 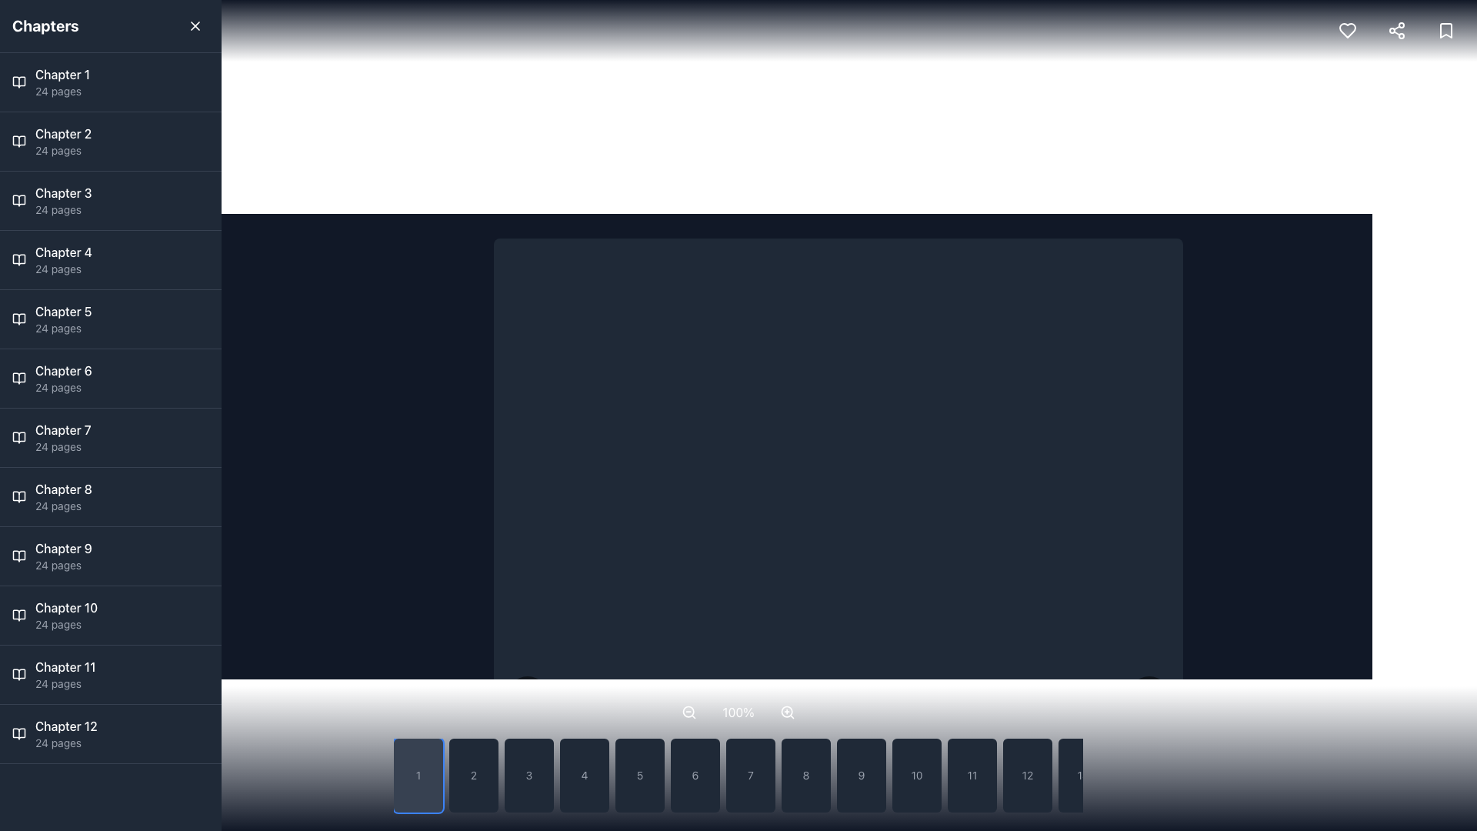 I want to click on the 'Chapter 3' icon located in the left sidebar panel, which serves as a navigation feature, so click(x=18, y=200).